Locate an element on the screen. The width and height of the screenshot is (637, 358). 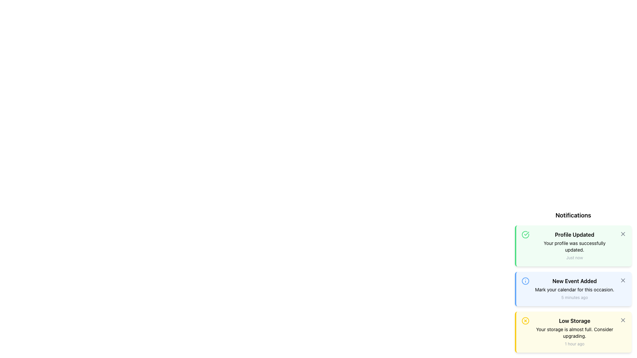
the dismiss button located at the top-right corner of the 'Profile Updated' notification box to observe a style change is located at coordinates (622, 233).